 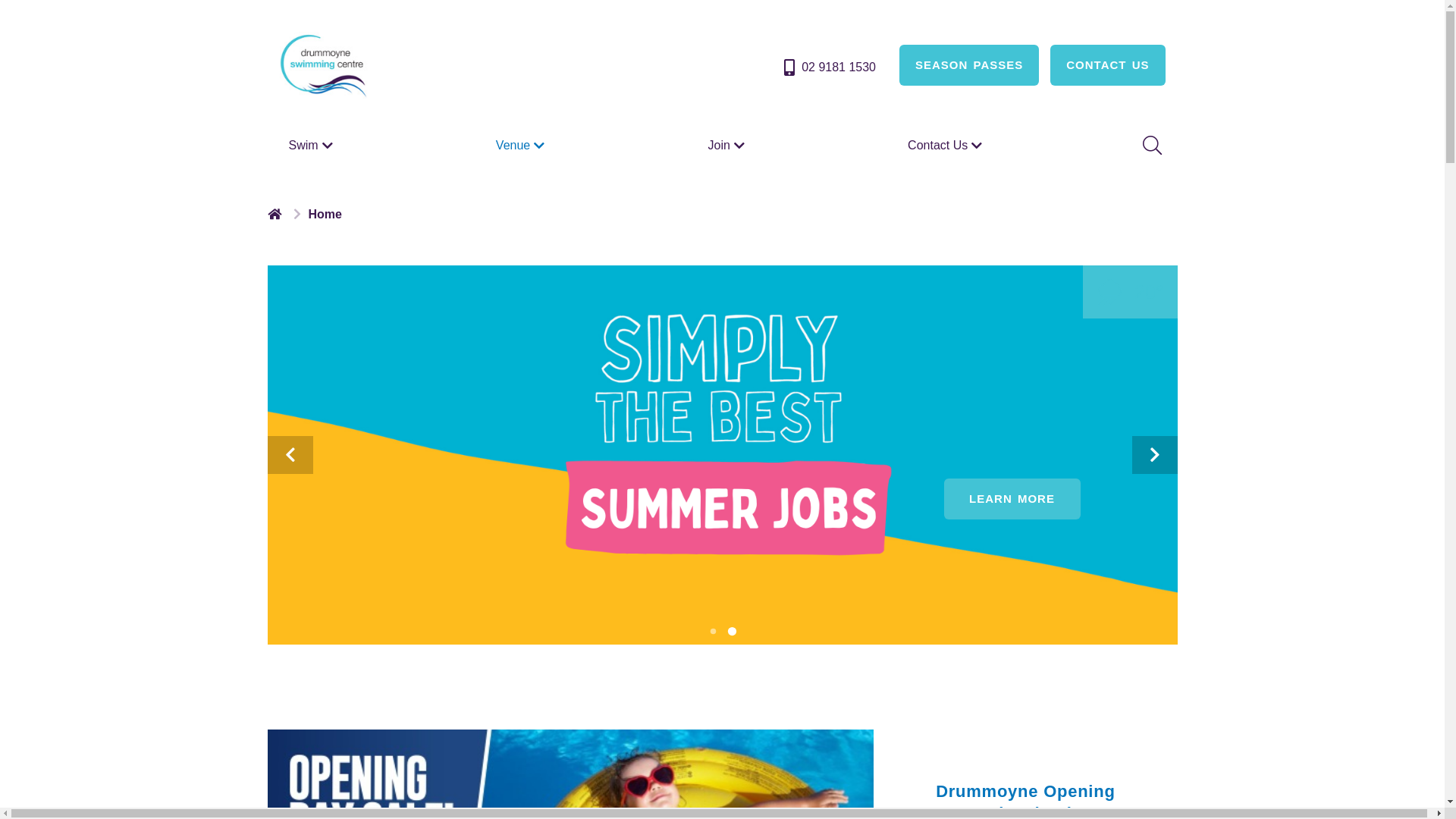 What do you see at coordinates (827, 66) in the screenshot?
I see `'02 9181 1530'` at bounding box center [827, 66].